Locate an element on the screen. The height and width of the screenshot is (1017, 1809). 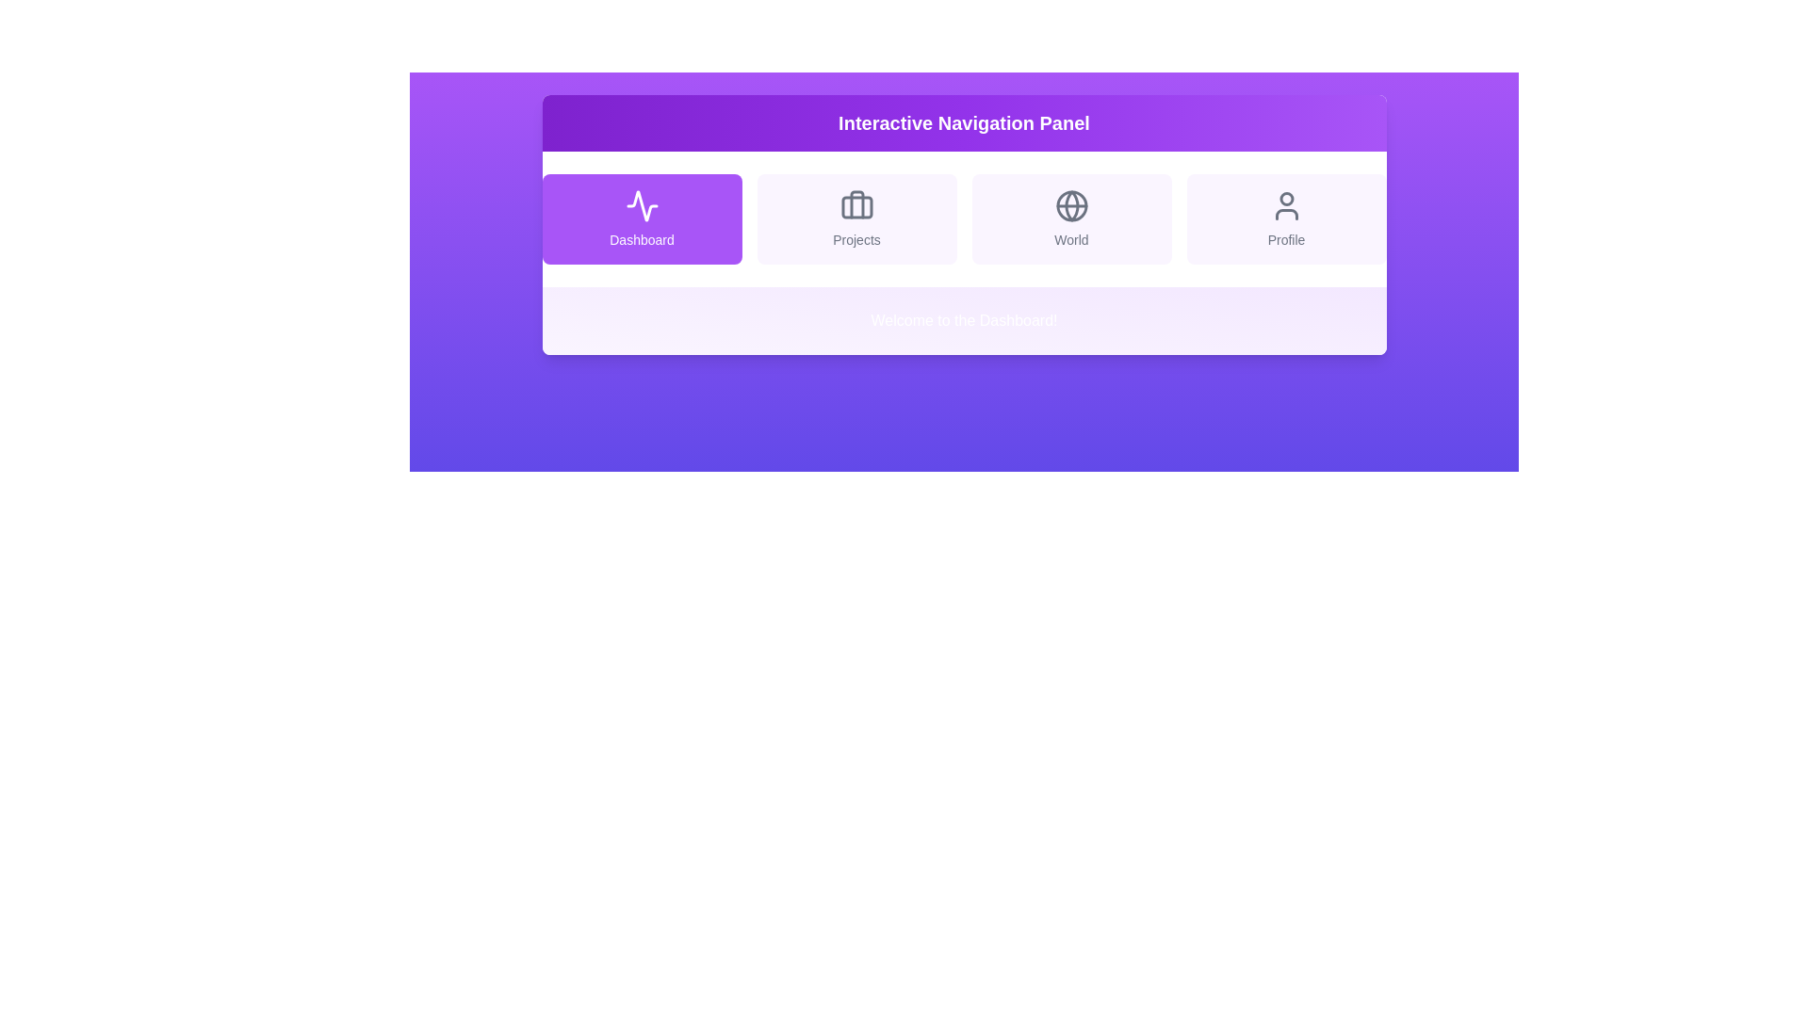
the purple rounded button labeled 'Dashboard' with a chart icon is located at coordinates (642, 218).